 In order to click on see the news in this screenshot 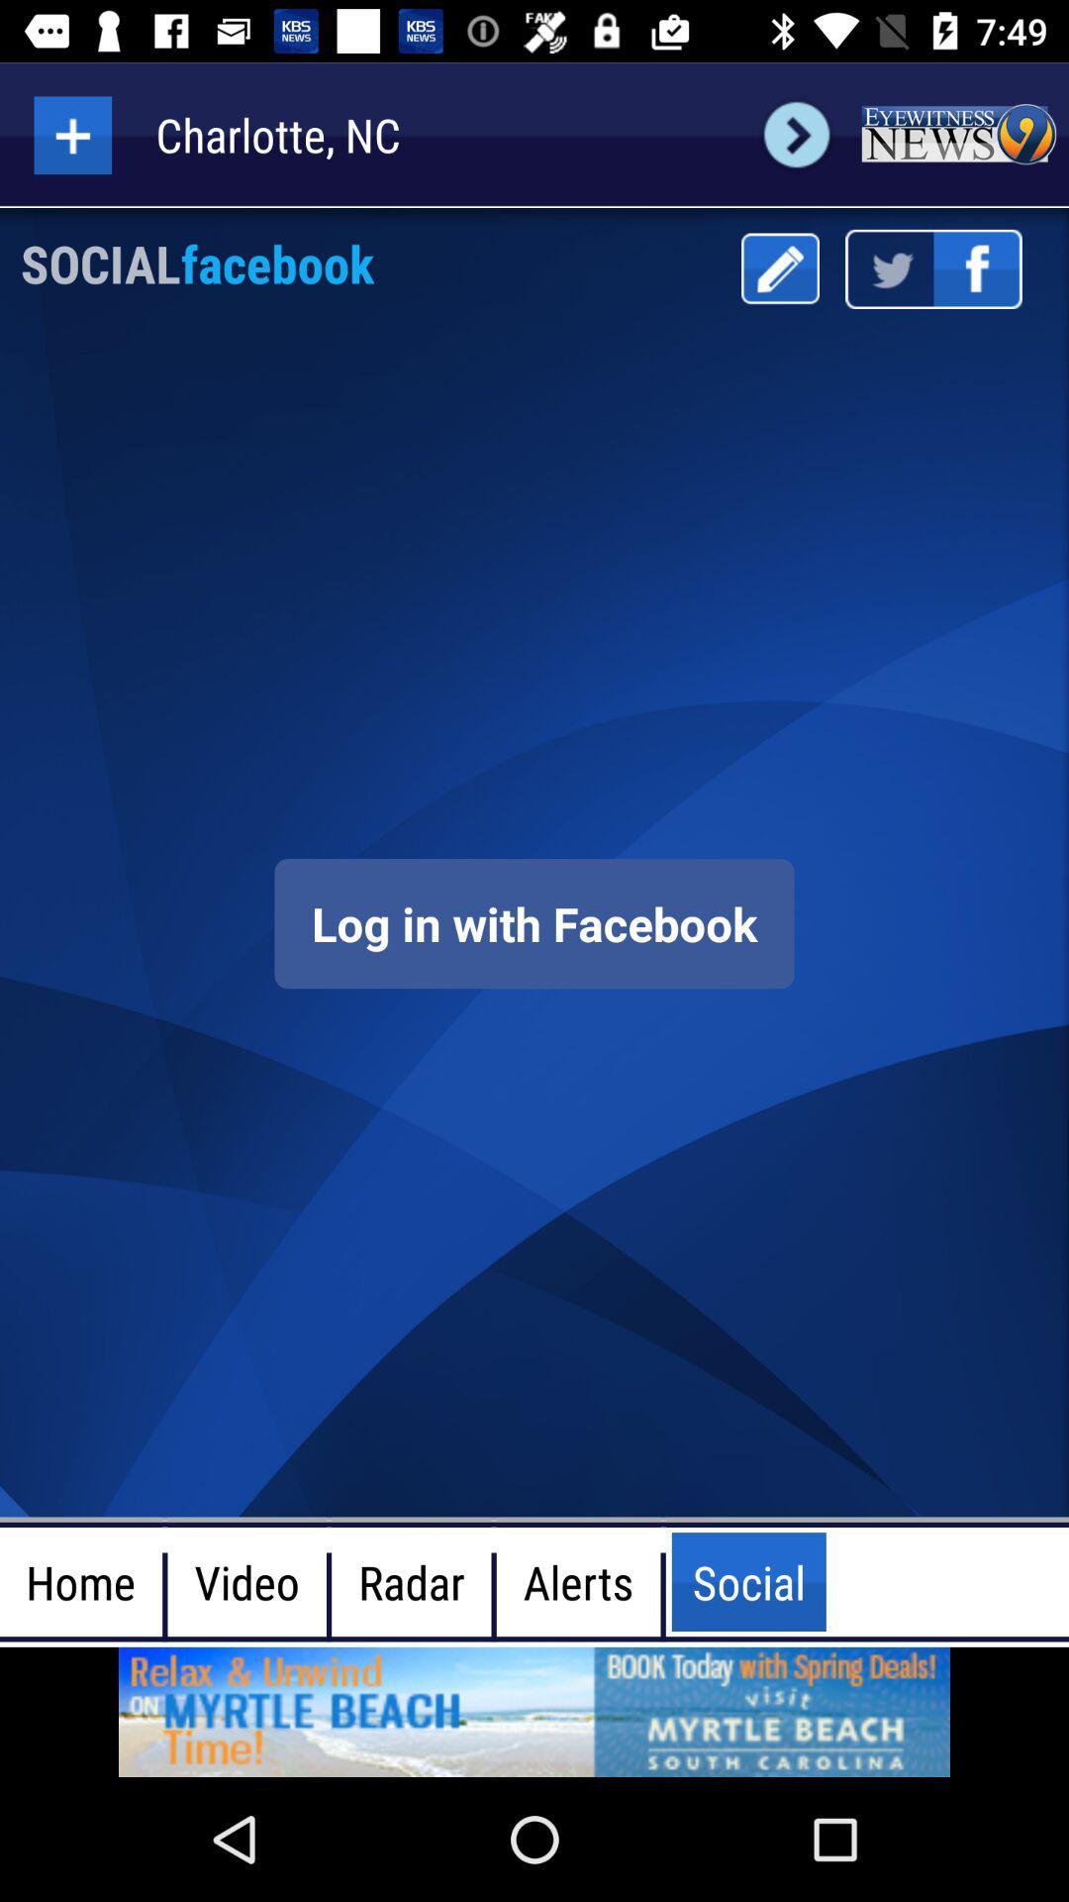, I will do `click(957, 134)`.